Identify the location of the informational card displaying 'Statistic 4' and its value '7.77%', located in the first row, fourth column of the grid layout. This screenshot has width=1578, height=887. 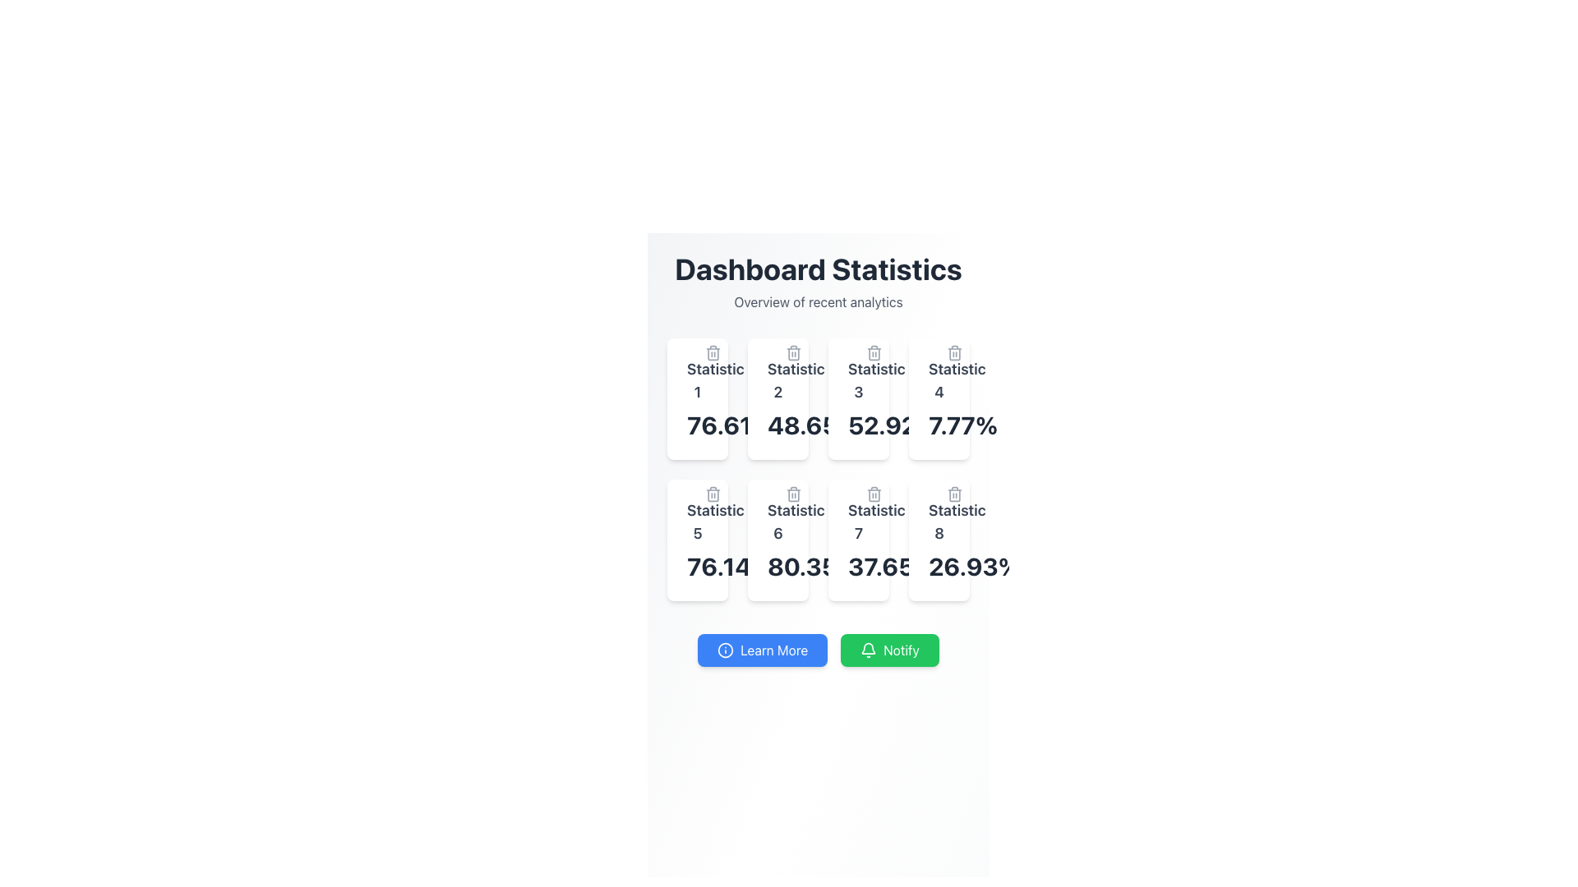
(939, 399).